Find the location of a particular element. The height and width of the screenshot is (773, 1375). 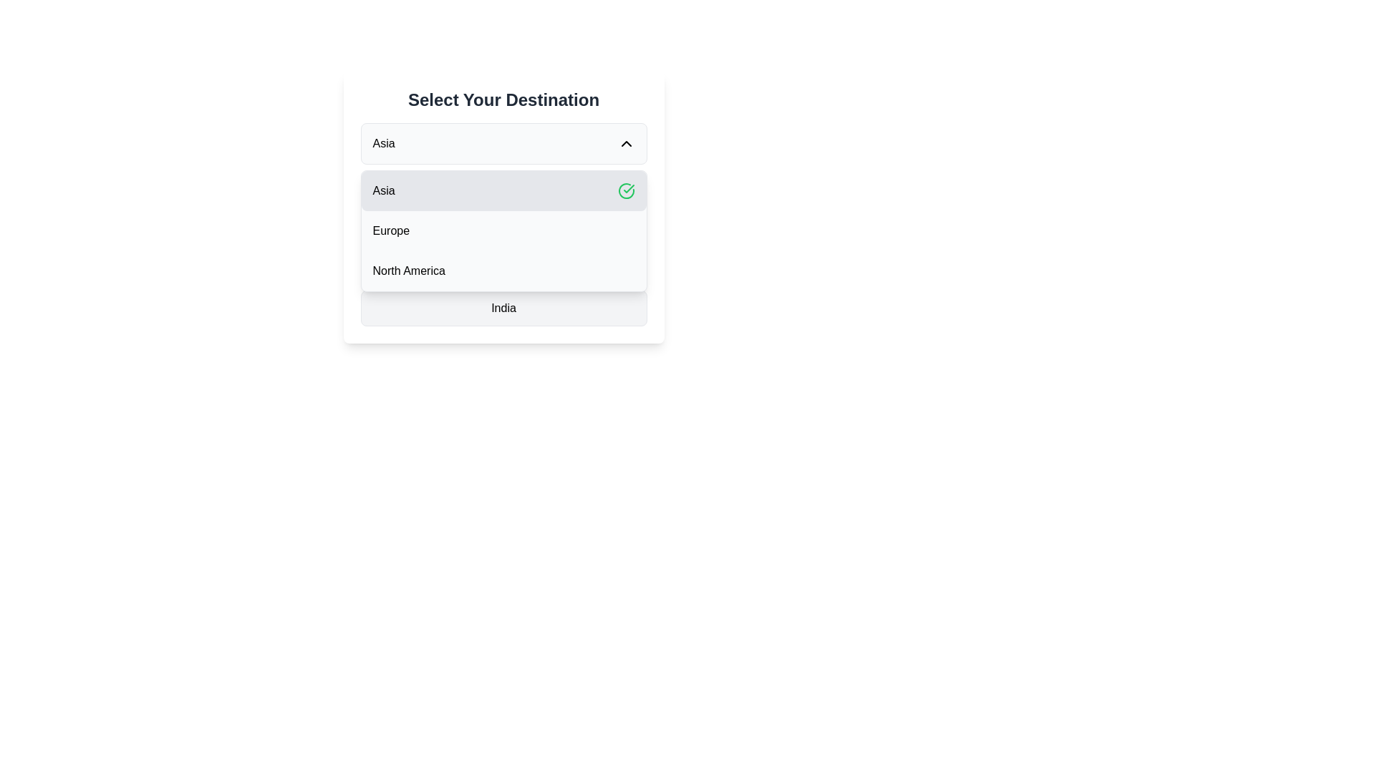

the dropdown menu labeled 'Select Your Destination' is located at coordinates (503, 230).